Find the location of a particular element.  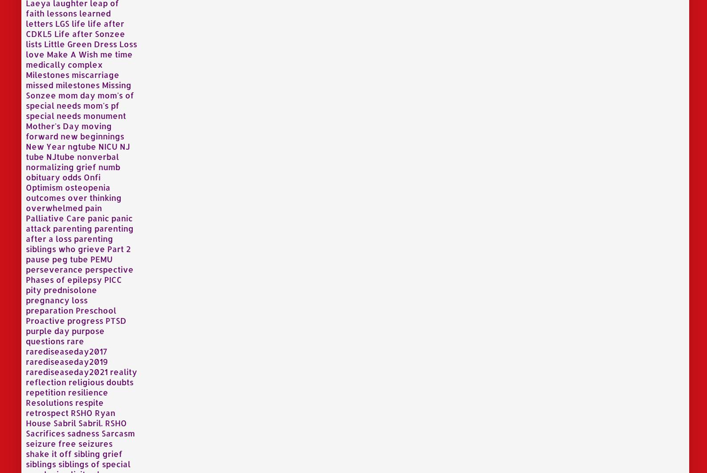

'Loss' is located at coordinates (119, 43).